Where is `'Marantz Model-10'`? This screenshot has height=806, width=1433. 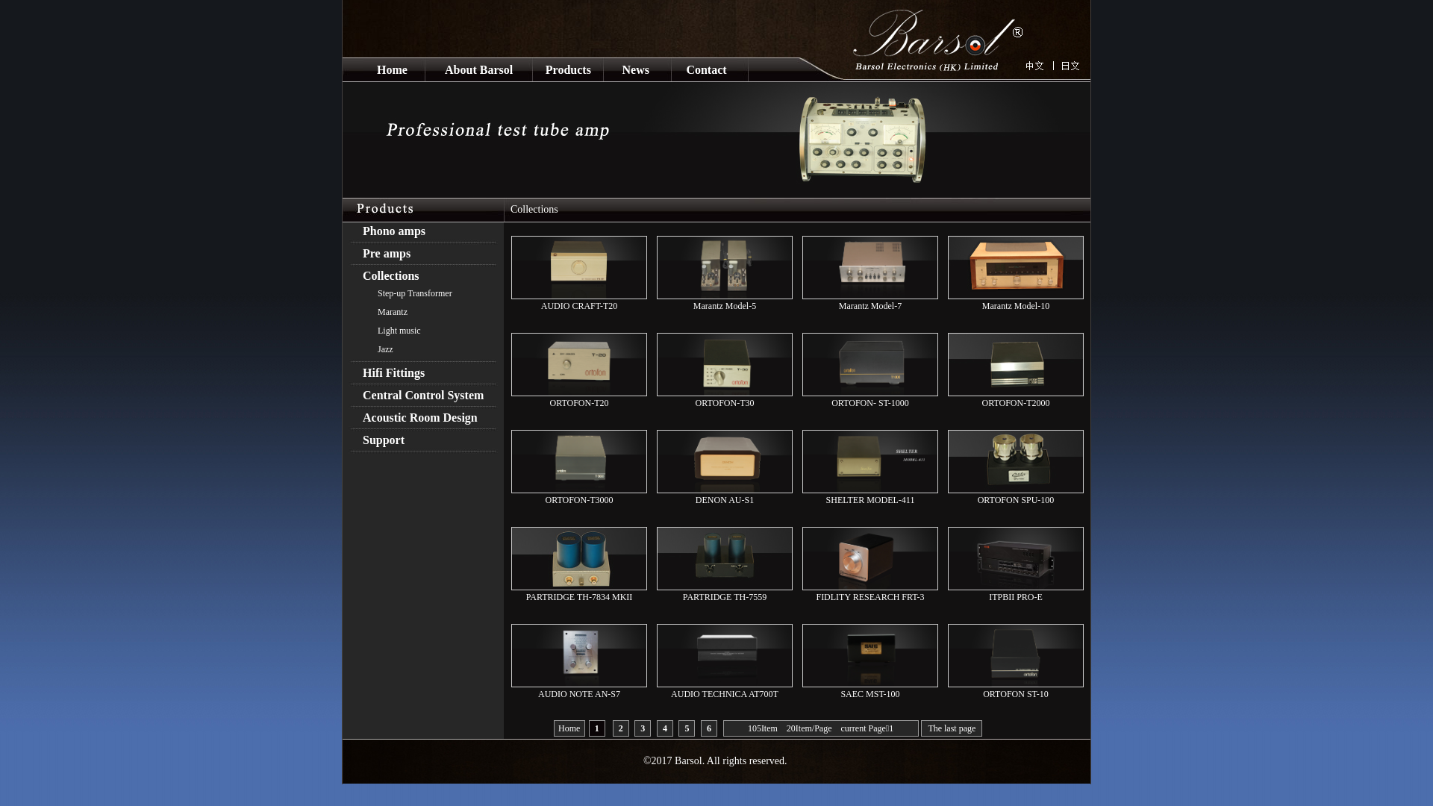 'Marantz Model-10' is located at coordinates (1015, 304).